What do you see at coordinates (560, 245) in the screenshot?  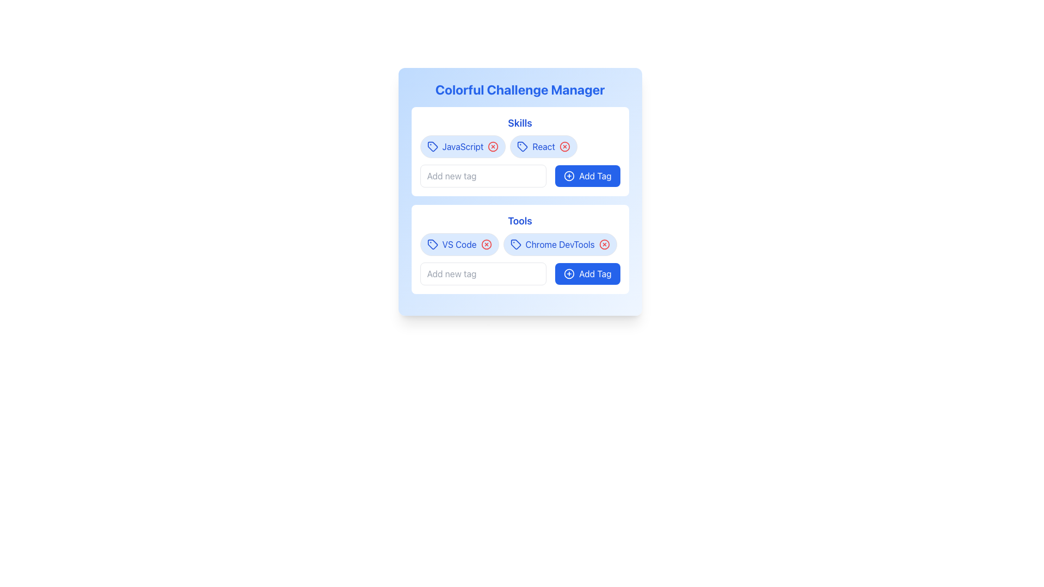 I see `the 'Chrome DevTools' tag, which is the second tag in the 'Tools' section of the UI` at bounding box center [560, 245].